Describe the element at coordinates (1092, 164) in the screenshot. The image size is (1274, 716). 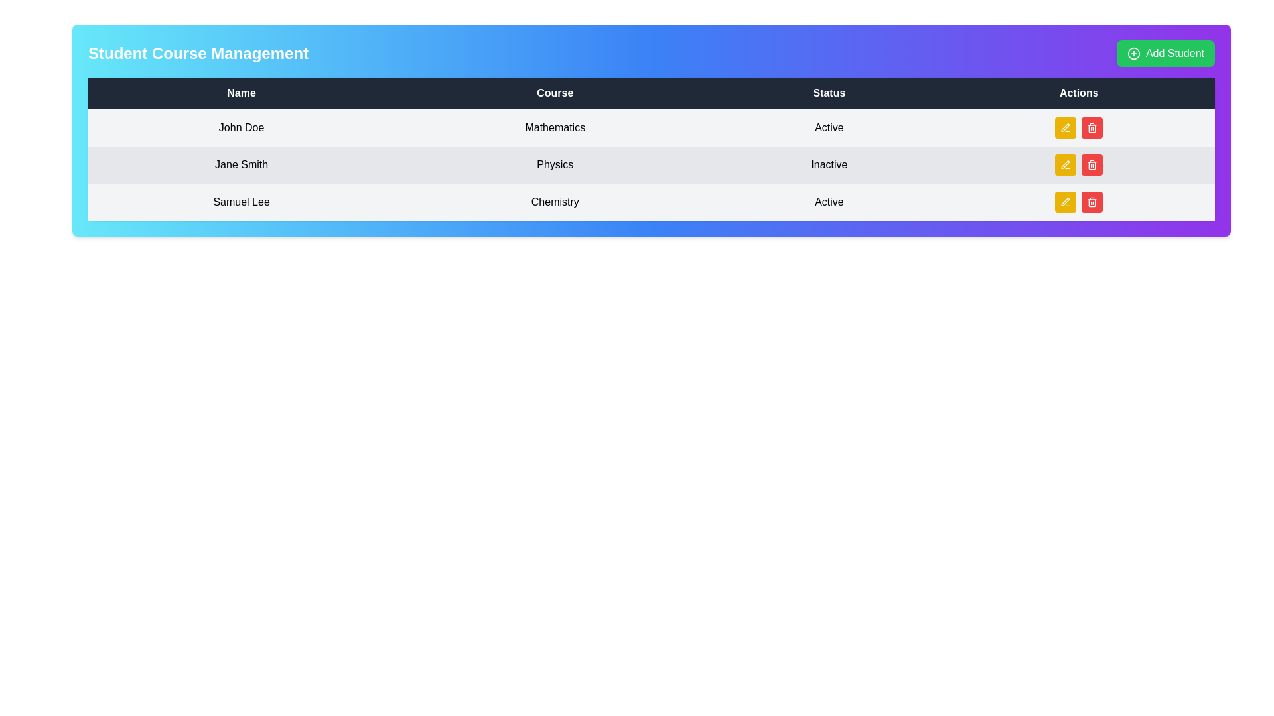
I see `the delete button located in the last column of the actions section in the second row of the table, which is directly to the right of the yellow pencil icon button` at that location.